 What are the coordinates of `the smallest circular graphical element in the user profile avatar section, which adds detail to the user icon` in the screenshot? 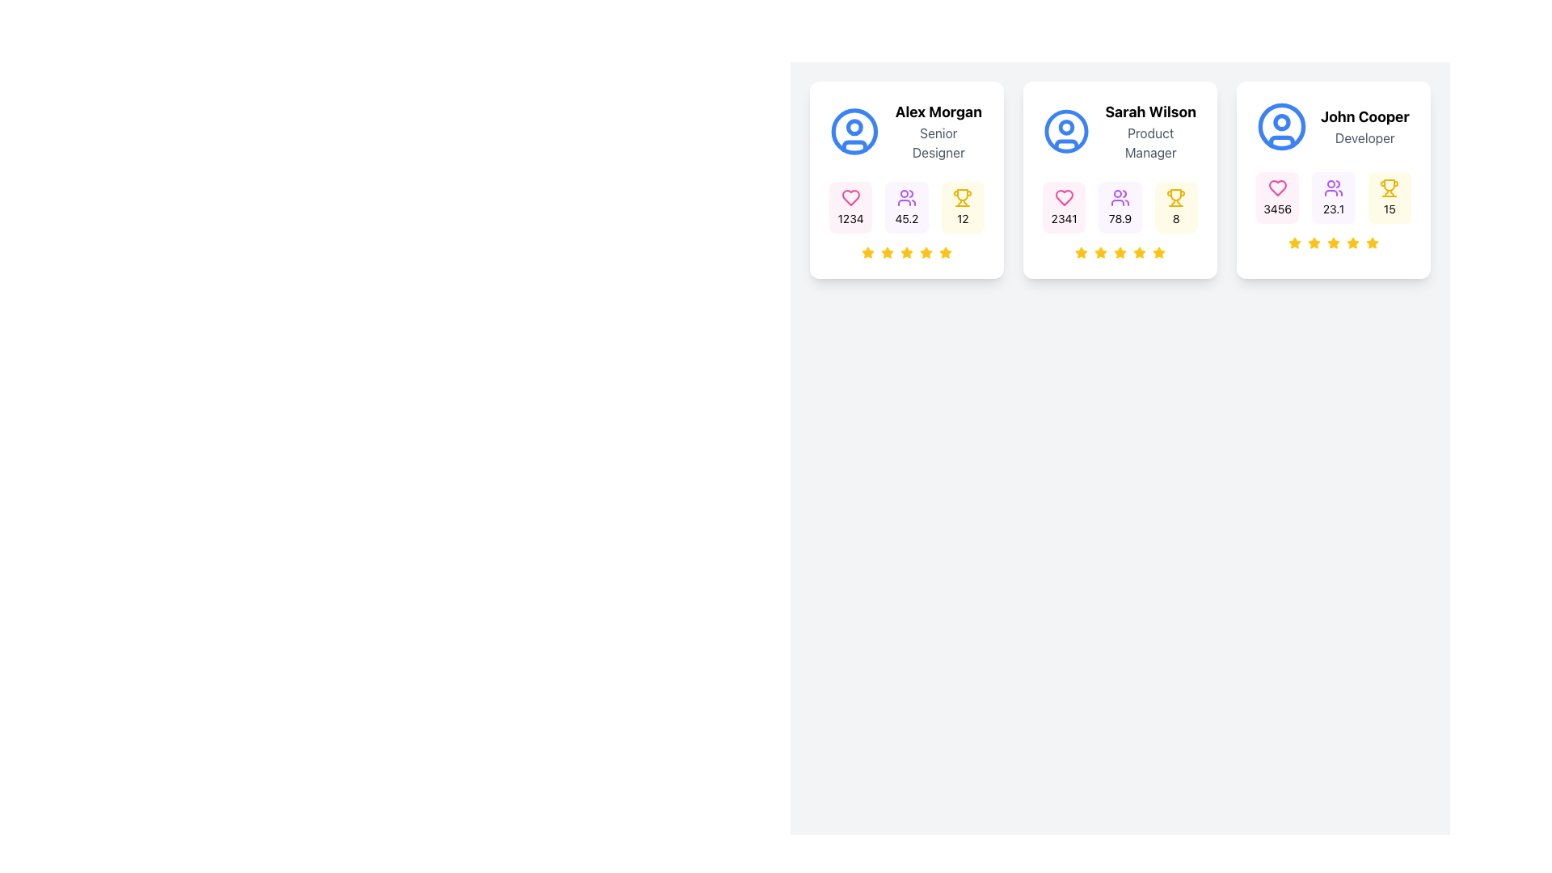 It's located at (1066, 127).